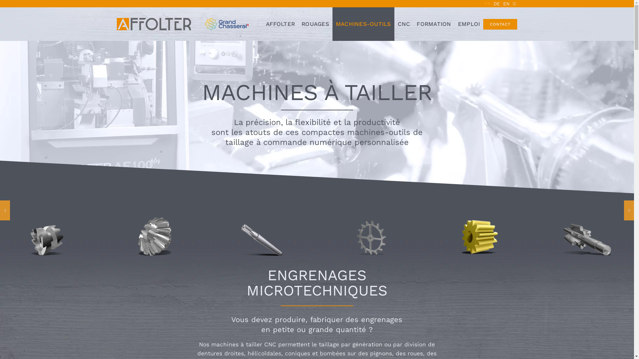 The width and height of the screenshot is (639, 359). What do you see at coordinates (506, 4) in the screenshot?
I see `'EN'` at bounding box center [506, 4].